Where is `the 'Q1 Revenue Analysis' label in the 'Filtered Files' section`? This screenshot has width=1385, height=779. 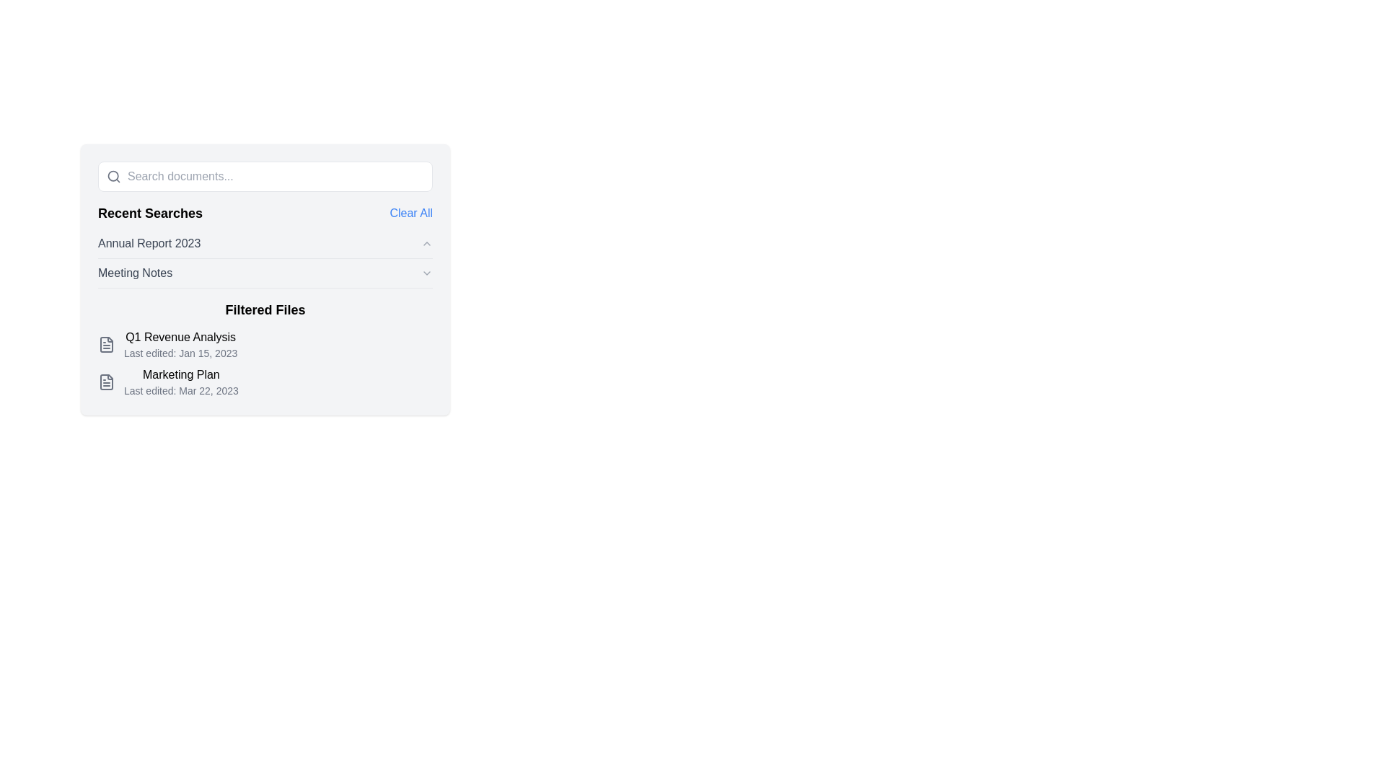
the 'Q1 Revenue Analysis' label in the 'Filtered Files' section is located at coordinates (180, 337).